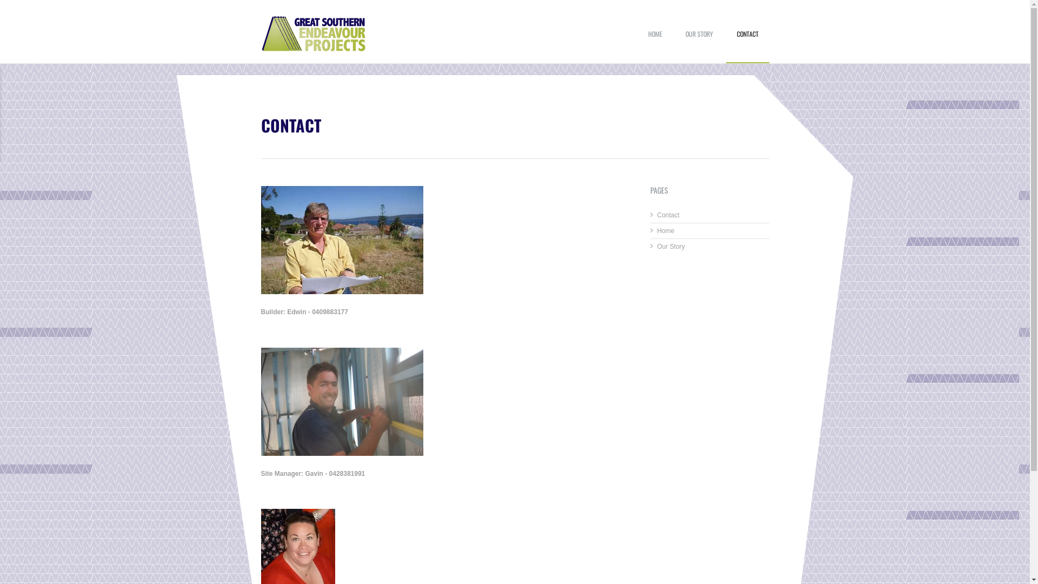  I want to click on 'Contact', so click(668, 215).